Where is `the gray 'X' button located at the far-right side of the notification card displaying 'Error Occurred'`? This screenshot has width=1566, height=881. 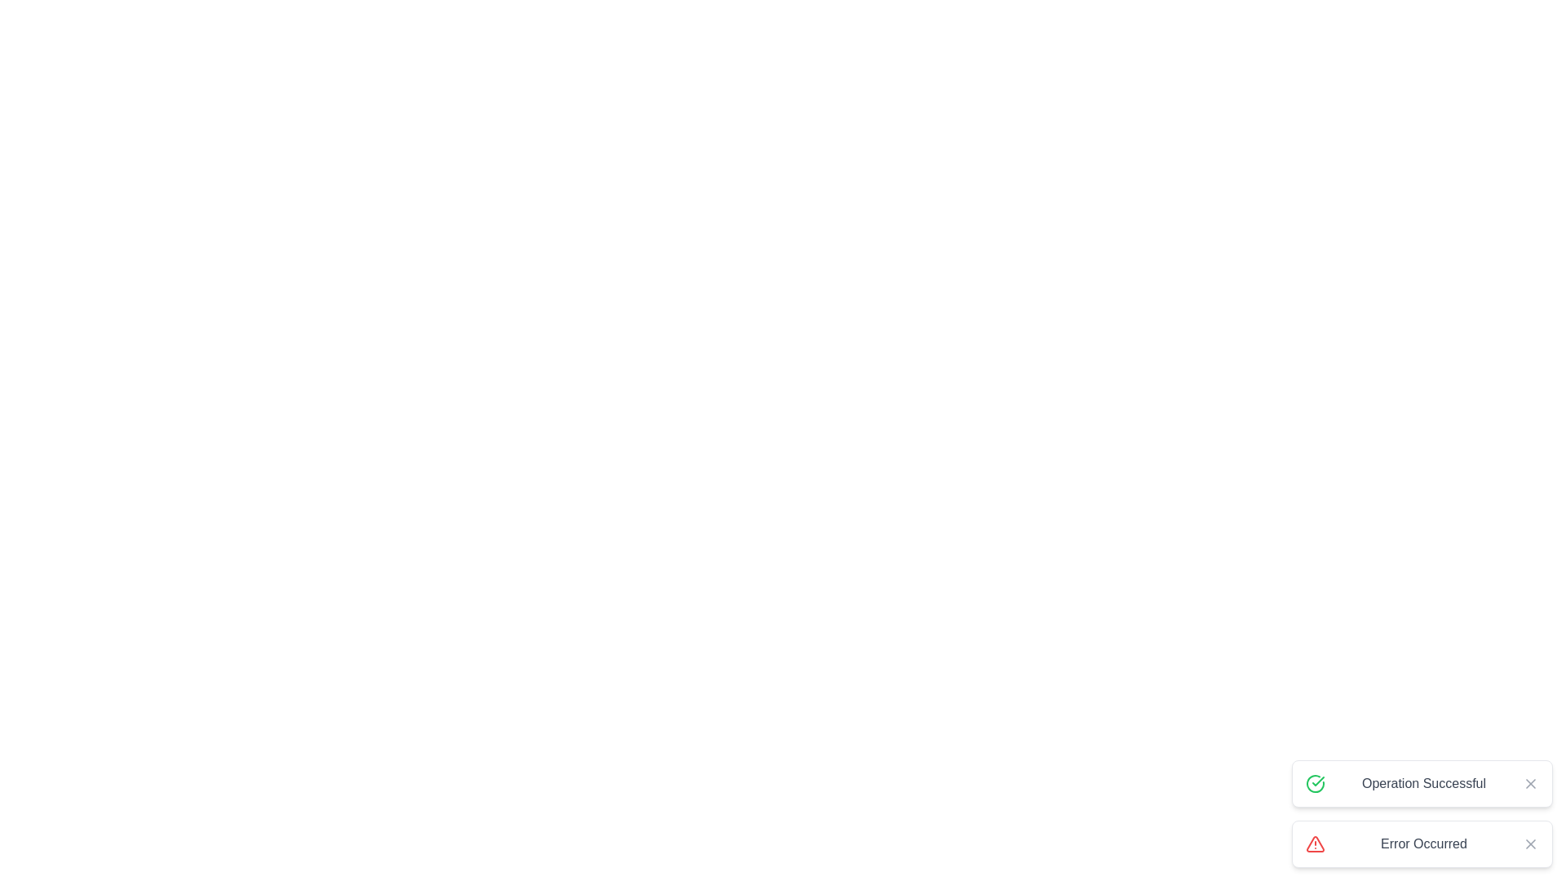
the gray 'X' button located at the far-right side of the notification card displaying 'Error Occurred' is located at coordinates (1529, 843).